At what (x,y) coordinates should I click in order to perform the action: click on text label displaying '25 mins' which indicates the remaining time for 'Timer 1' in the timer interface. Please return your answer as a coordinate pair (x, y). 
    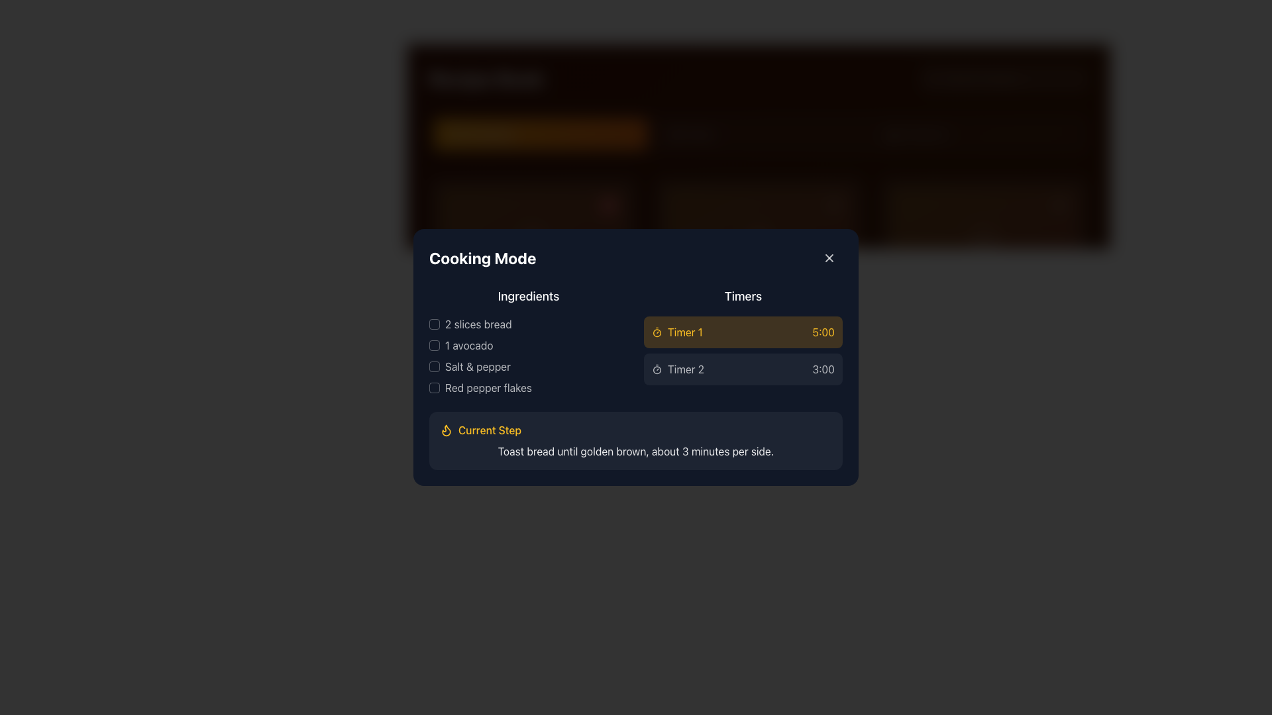
    Looking at the image, I should click on (694, 334).